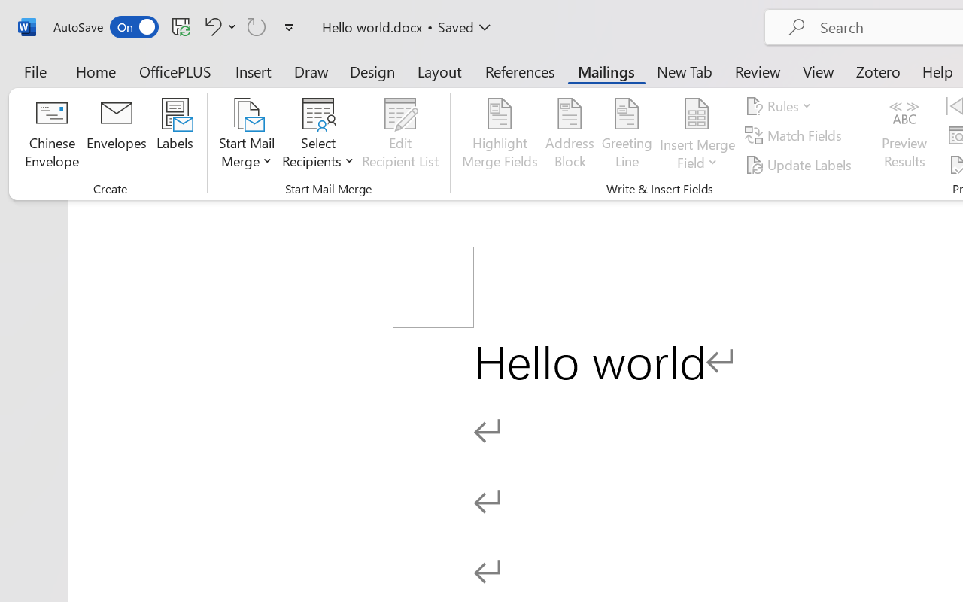 Image resolution: width=963 pixels, height=602 pixels. Describe the element at coordinates (247, 135) in the screenshot. I see `'Start Mail Merge'` at that location.